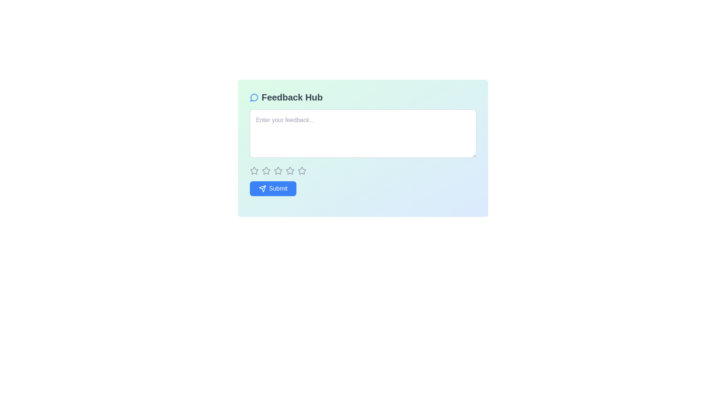 The height and width of the screenshot is (402, 715). What do you see at coordinates (254, 97) in the screenshot?
I see `the blue conversation icon with a circular outline and speech tail, located to the left of the 'Feedback Hub' text` at bounding box center [254, 97].